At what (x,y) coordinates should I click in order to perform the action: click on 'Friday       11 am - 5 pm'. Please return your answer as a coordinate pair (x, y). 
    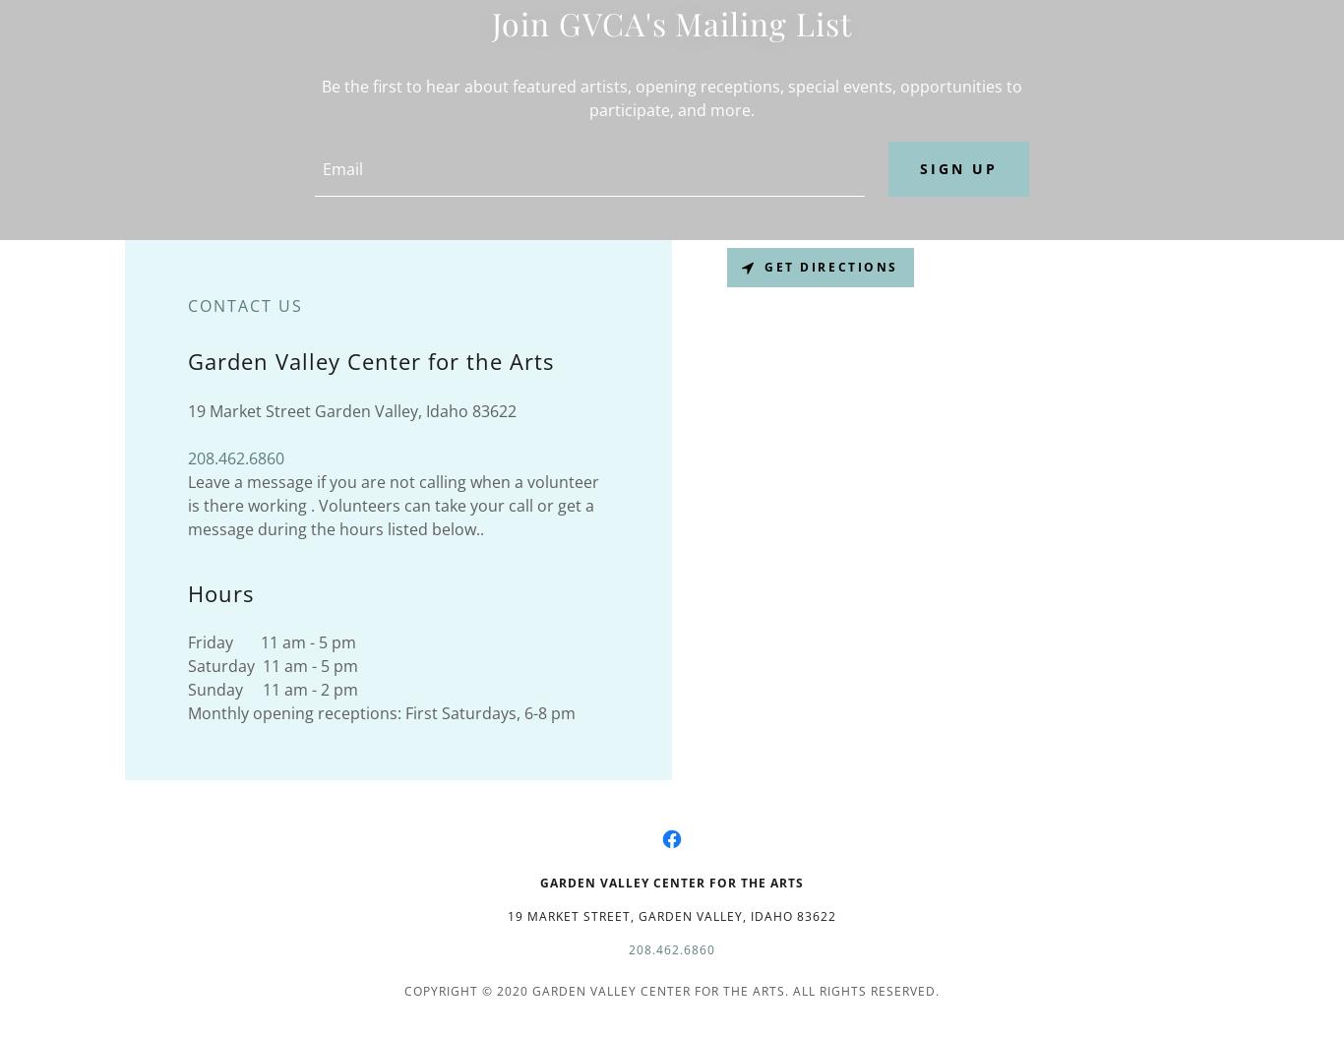
    Looking at the image, I should click on (272, 641).